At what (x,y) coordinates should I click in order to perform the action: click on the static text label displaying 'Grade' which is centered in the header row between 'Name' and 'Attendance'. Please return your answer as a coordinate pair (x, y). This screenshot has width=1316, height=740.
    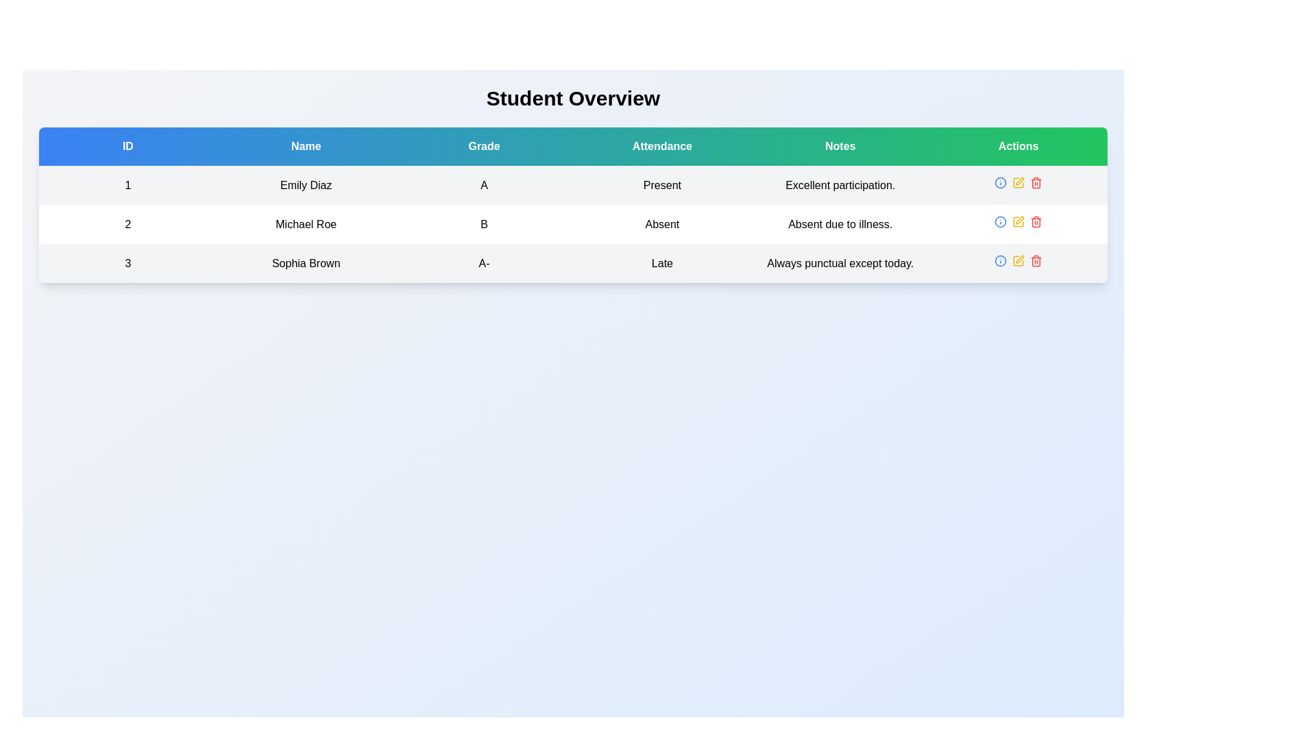
    Looking at the image, I should click on (484, 146).